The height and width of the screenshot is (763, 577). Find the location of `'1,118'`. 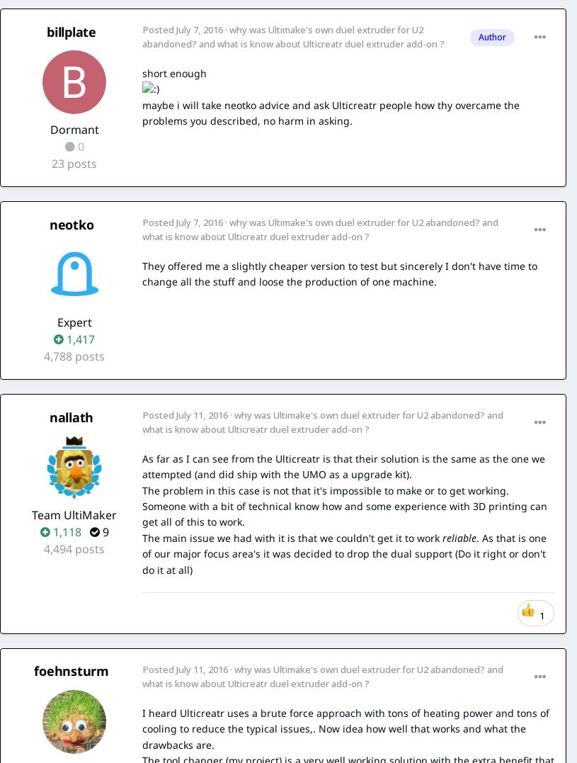

'1,118' is located at coordinates (64, 531).